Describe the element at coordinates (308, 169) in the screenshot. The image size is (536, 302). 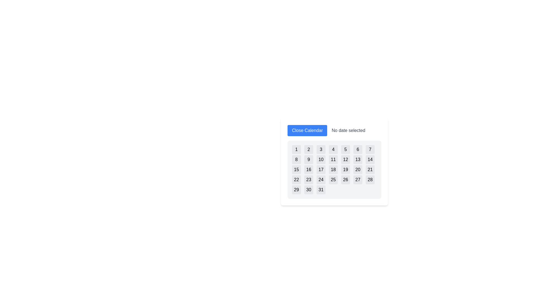
I see `the selectable date button in the calendar interface, located in the third row and second column` at that location.